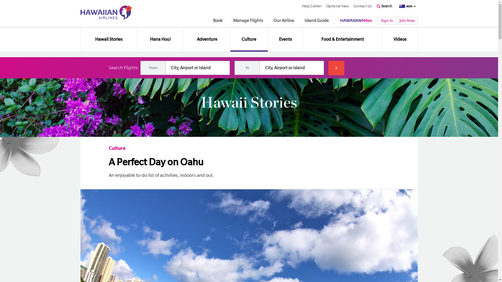  Describe the element at coordinates (218, 21) in the screenshot. I see `'Book'` at that location.